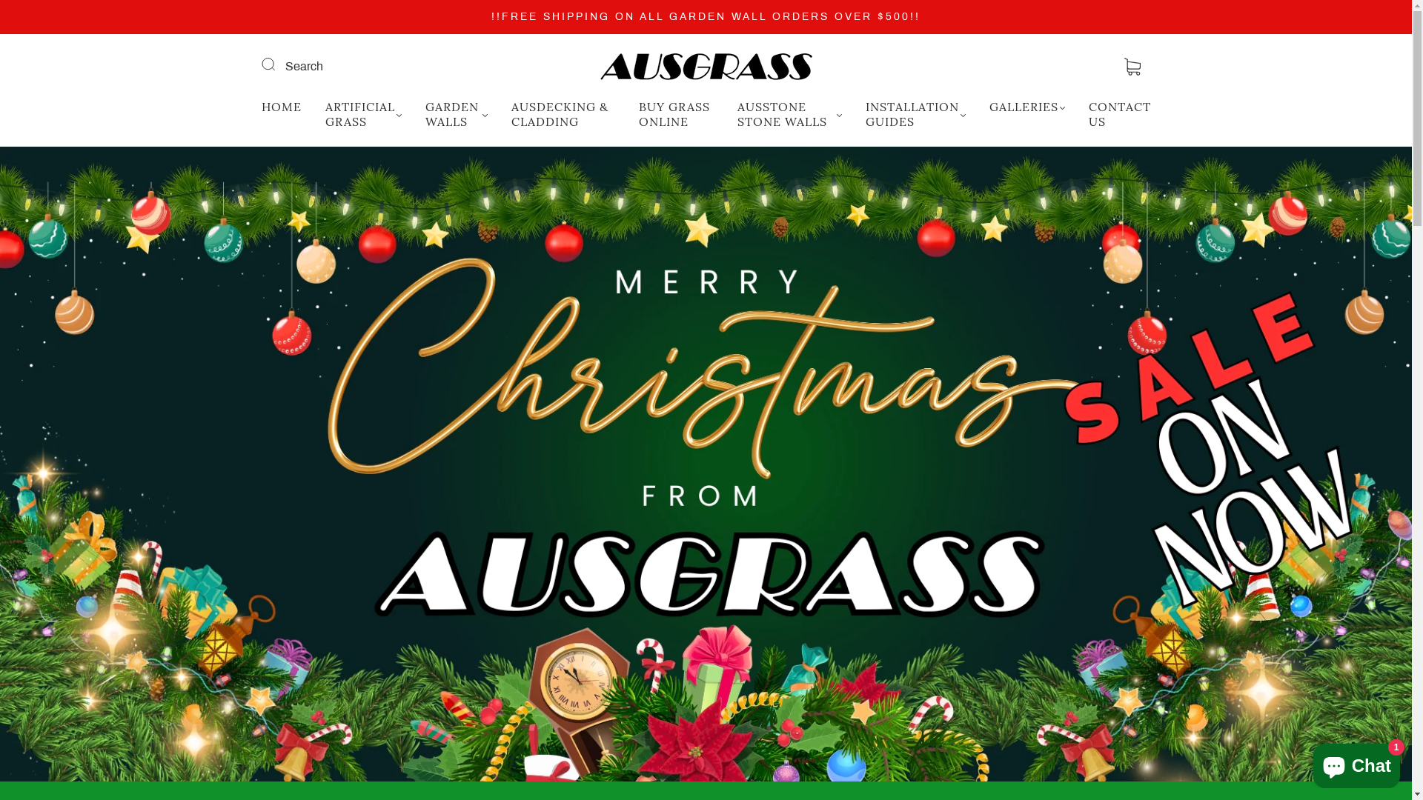 The width and height of the screenshot is (1423, 800). I want to click on 'BUY GRASS ONLINE', so click(675, 113).